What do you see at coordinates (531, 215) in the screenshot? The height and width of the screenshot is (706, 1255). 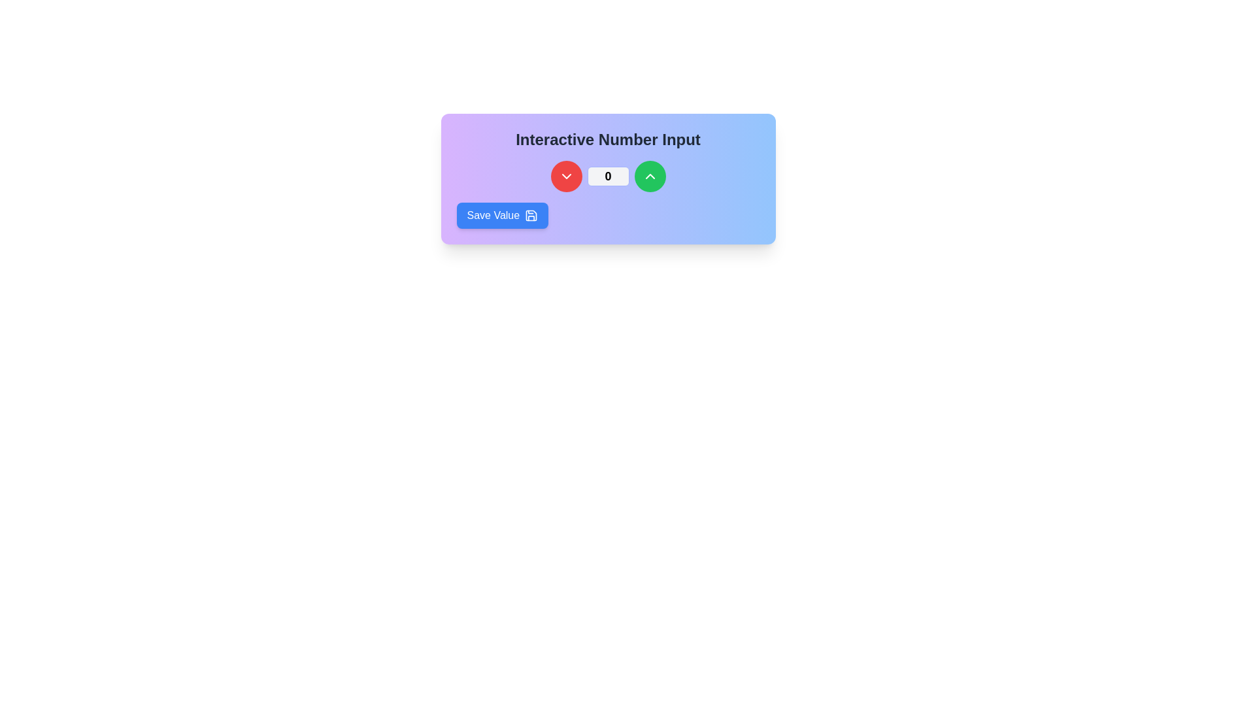 I see `the save icon located to the right of the 'Save Value' text` at bounding box center [531, 215].